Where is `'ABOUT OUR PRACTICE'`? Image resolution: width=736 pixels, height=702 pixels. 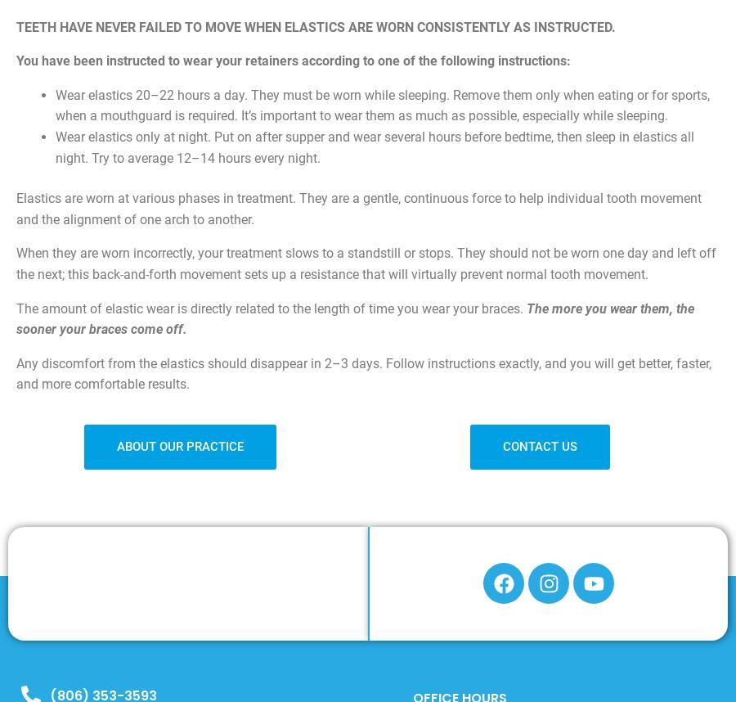
'ABOUT OUR PRACTICE' is located at coordinates (179, 446).